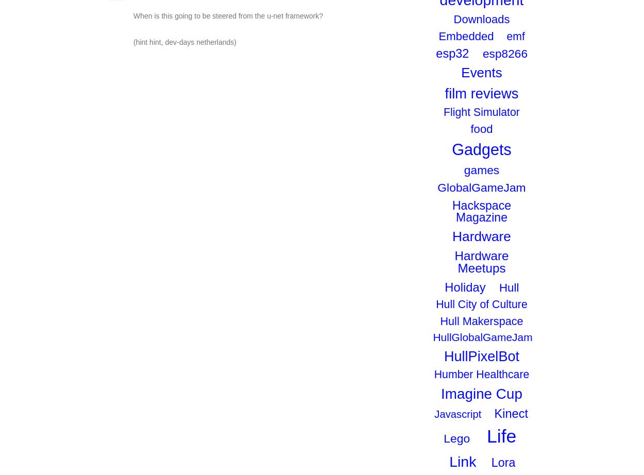 This screenshot has width=644, height=475. What do you see at coordinates (481, 374) in the screenshot?
I see `'Humber Healthcare'` at bounding box center [481, 374].